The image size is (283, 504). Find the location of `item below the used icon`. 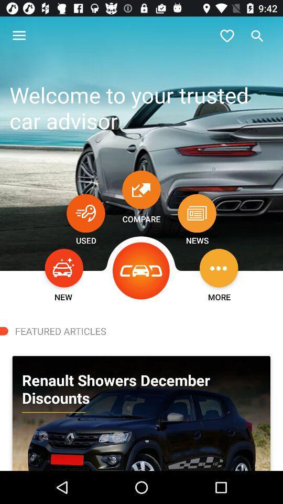

item below the used icon is located at coordinates (64, 267).